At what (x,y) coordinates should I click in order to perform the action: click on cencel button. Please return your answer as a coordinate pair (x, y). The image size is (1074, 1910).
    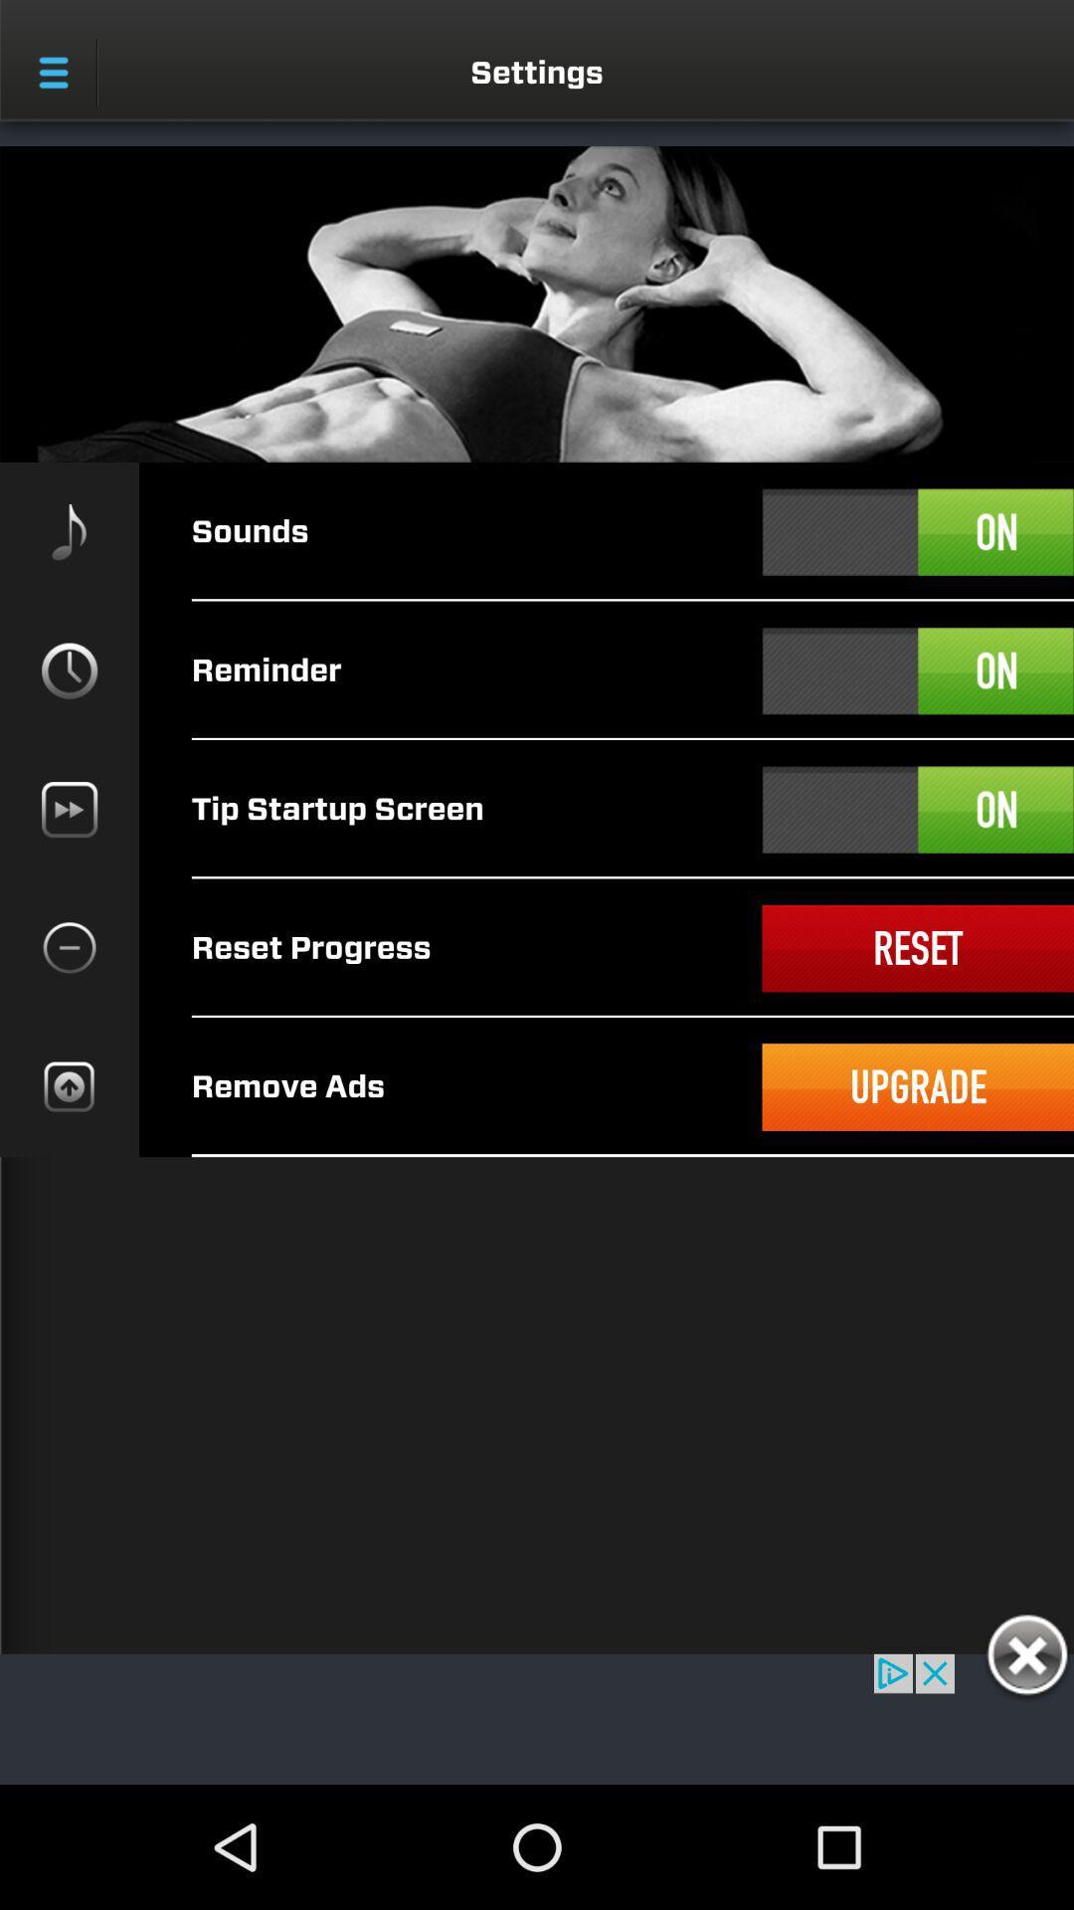
    Looking at the image, I should click on (1026, 1658).